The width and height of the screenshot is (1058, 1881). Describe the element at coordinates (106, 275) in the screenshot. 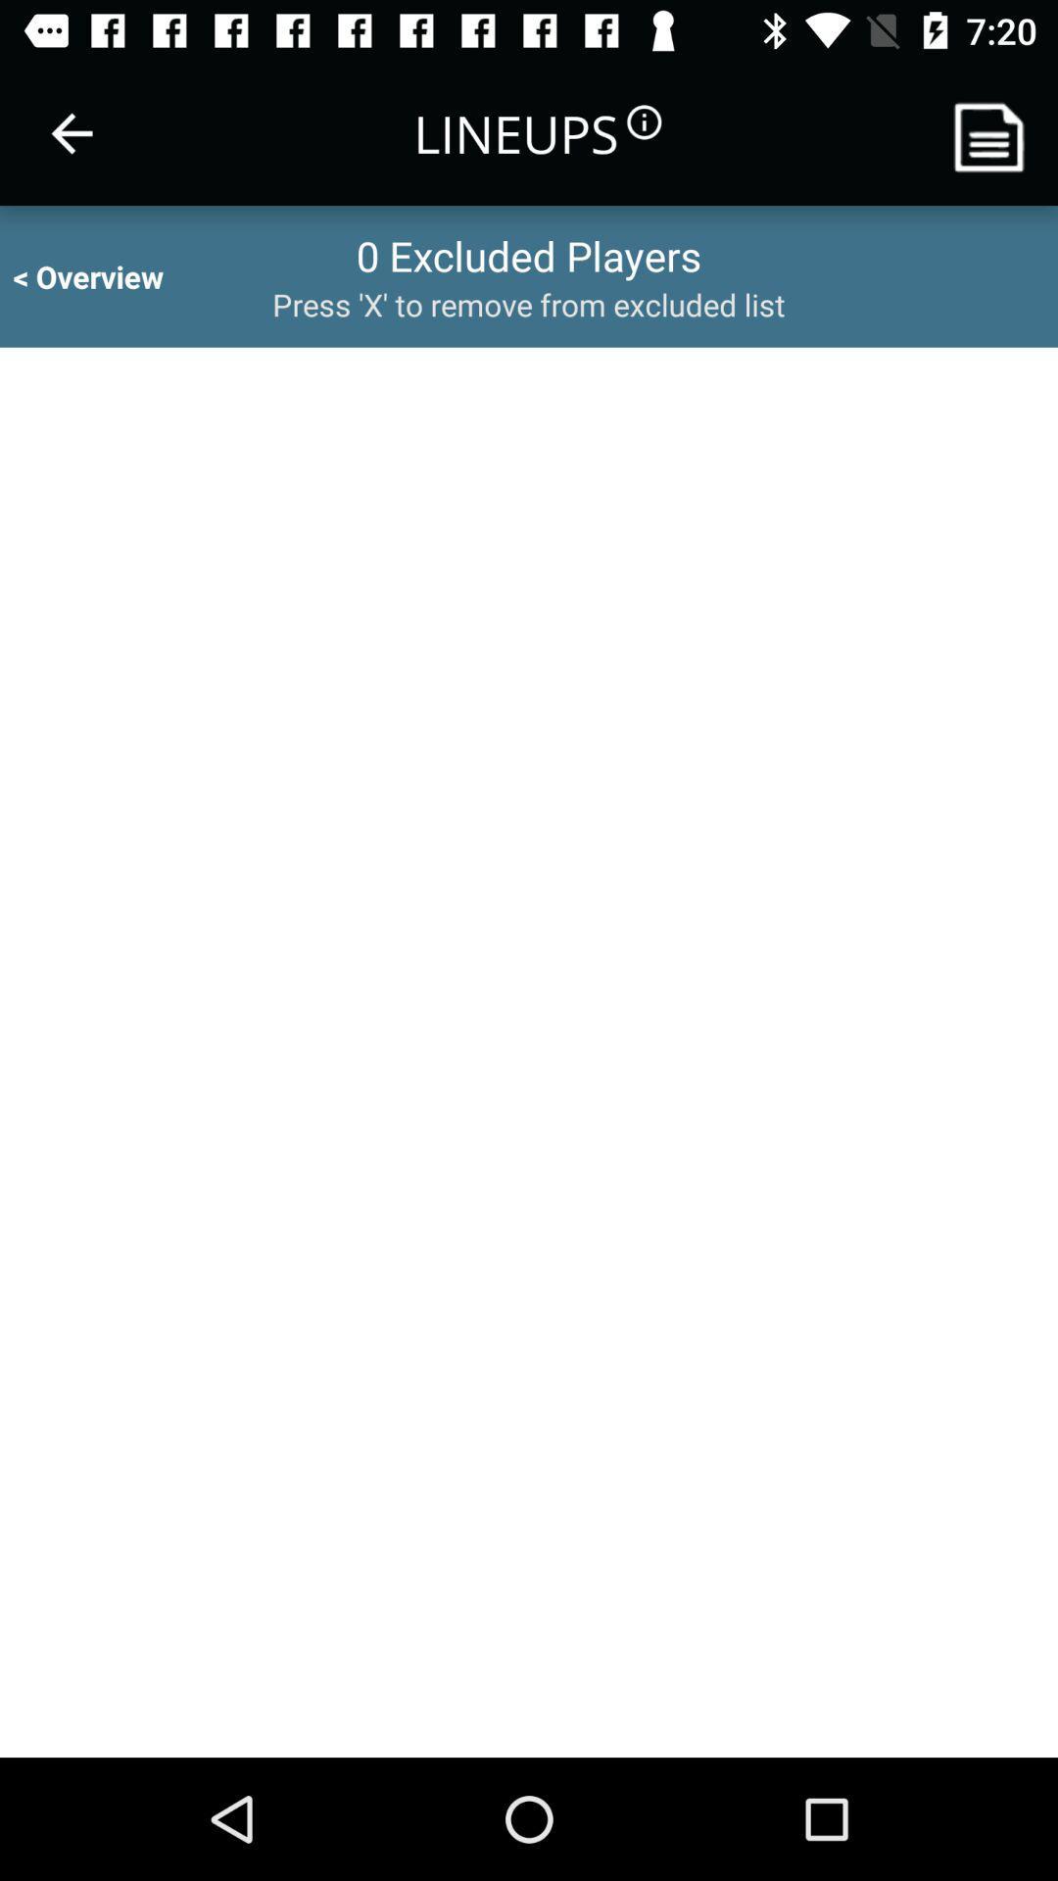

I see `< overview icon` at that location.